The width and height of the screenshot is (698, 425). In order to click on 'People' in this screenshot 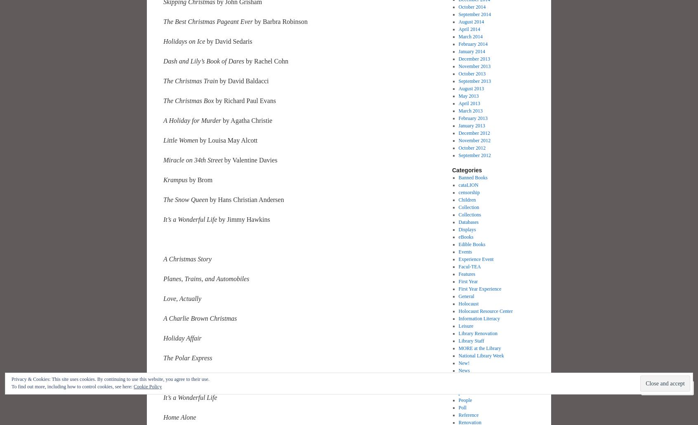, I will do `click(458, 399)`.